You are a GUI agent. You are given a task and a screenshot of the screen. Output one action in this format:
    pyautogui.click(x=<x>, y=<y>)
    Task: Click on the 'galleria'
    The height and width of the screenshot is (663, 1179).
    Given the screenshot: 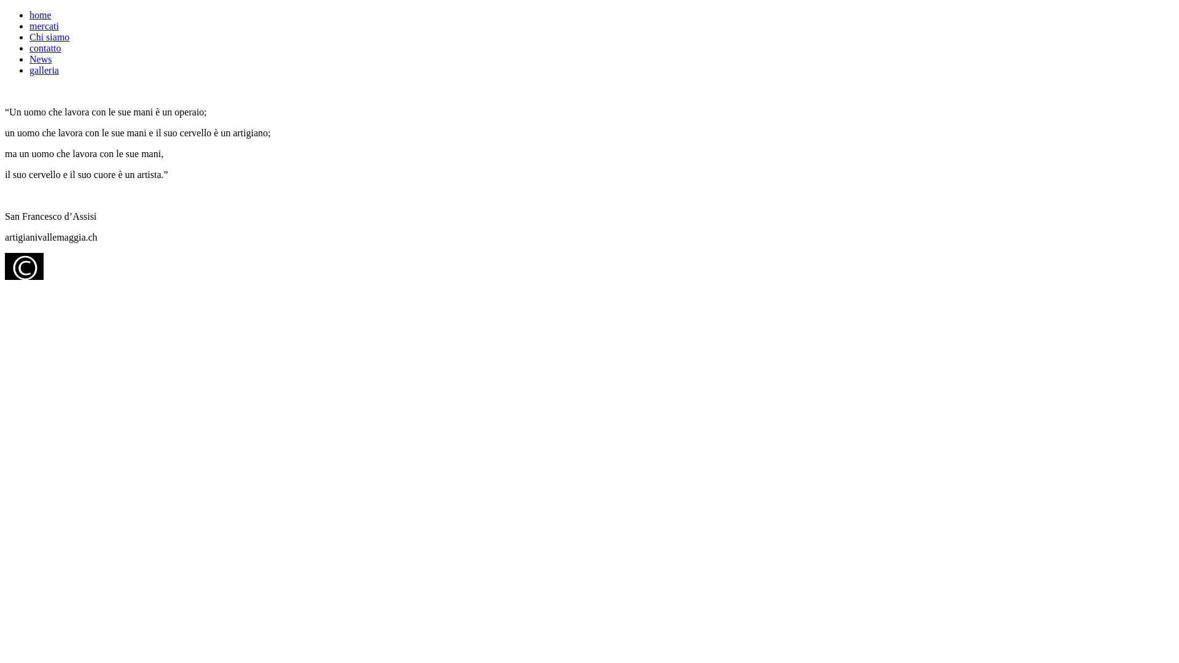 What is the action you would take?
    pyautogui.click(x=44, y=70)
    